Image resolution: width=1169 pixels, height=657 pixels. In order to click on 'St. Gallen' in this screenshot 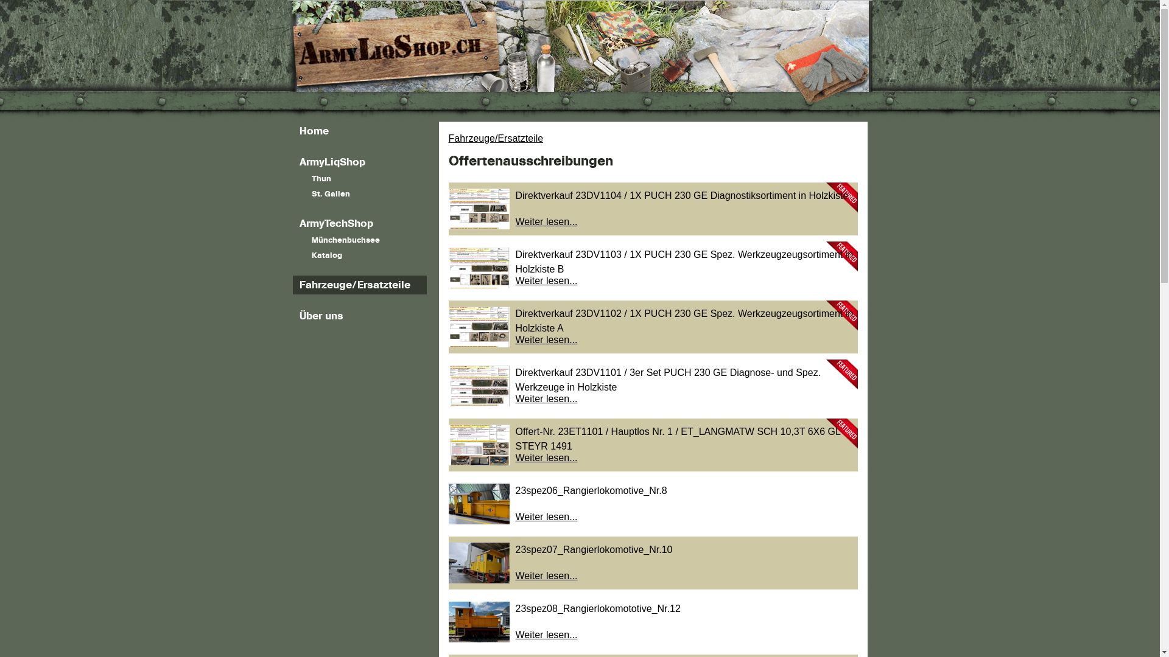, I will do `click(359, 193)`.